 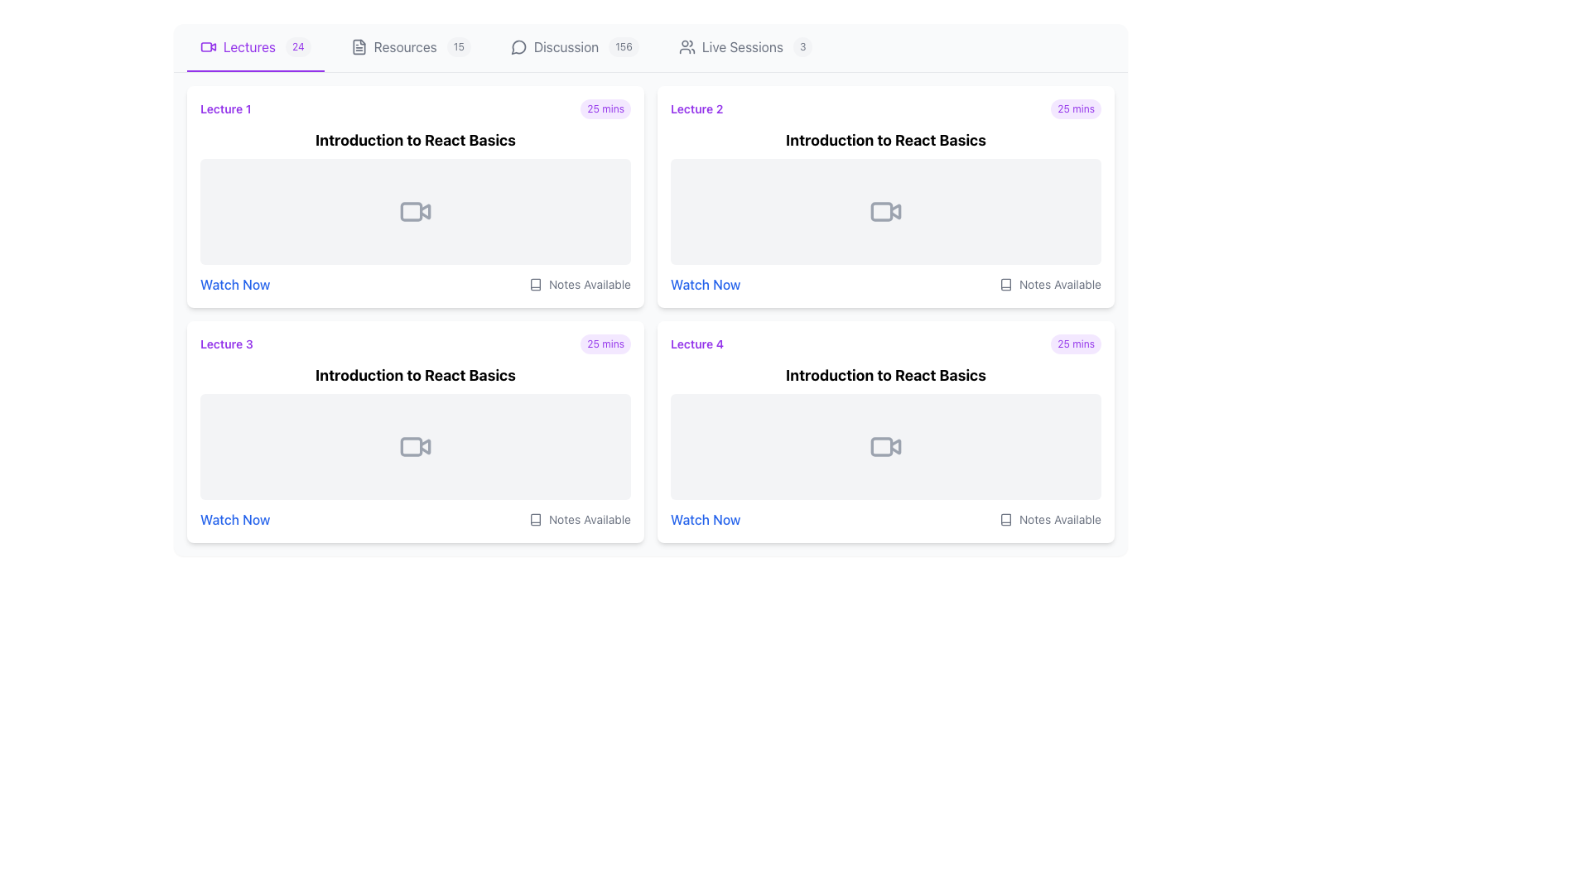 I want to click on the book icon located to the left of the text 'Notes Available' in the bottom-left section of the grid layout, so click(x=536, y=519).